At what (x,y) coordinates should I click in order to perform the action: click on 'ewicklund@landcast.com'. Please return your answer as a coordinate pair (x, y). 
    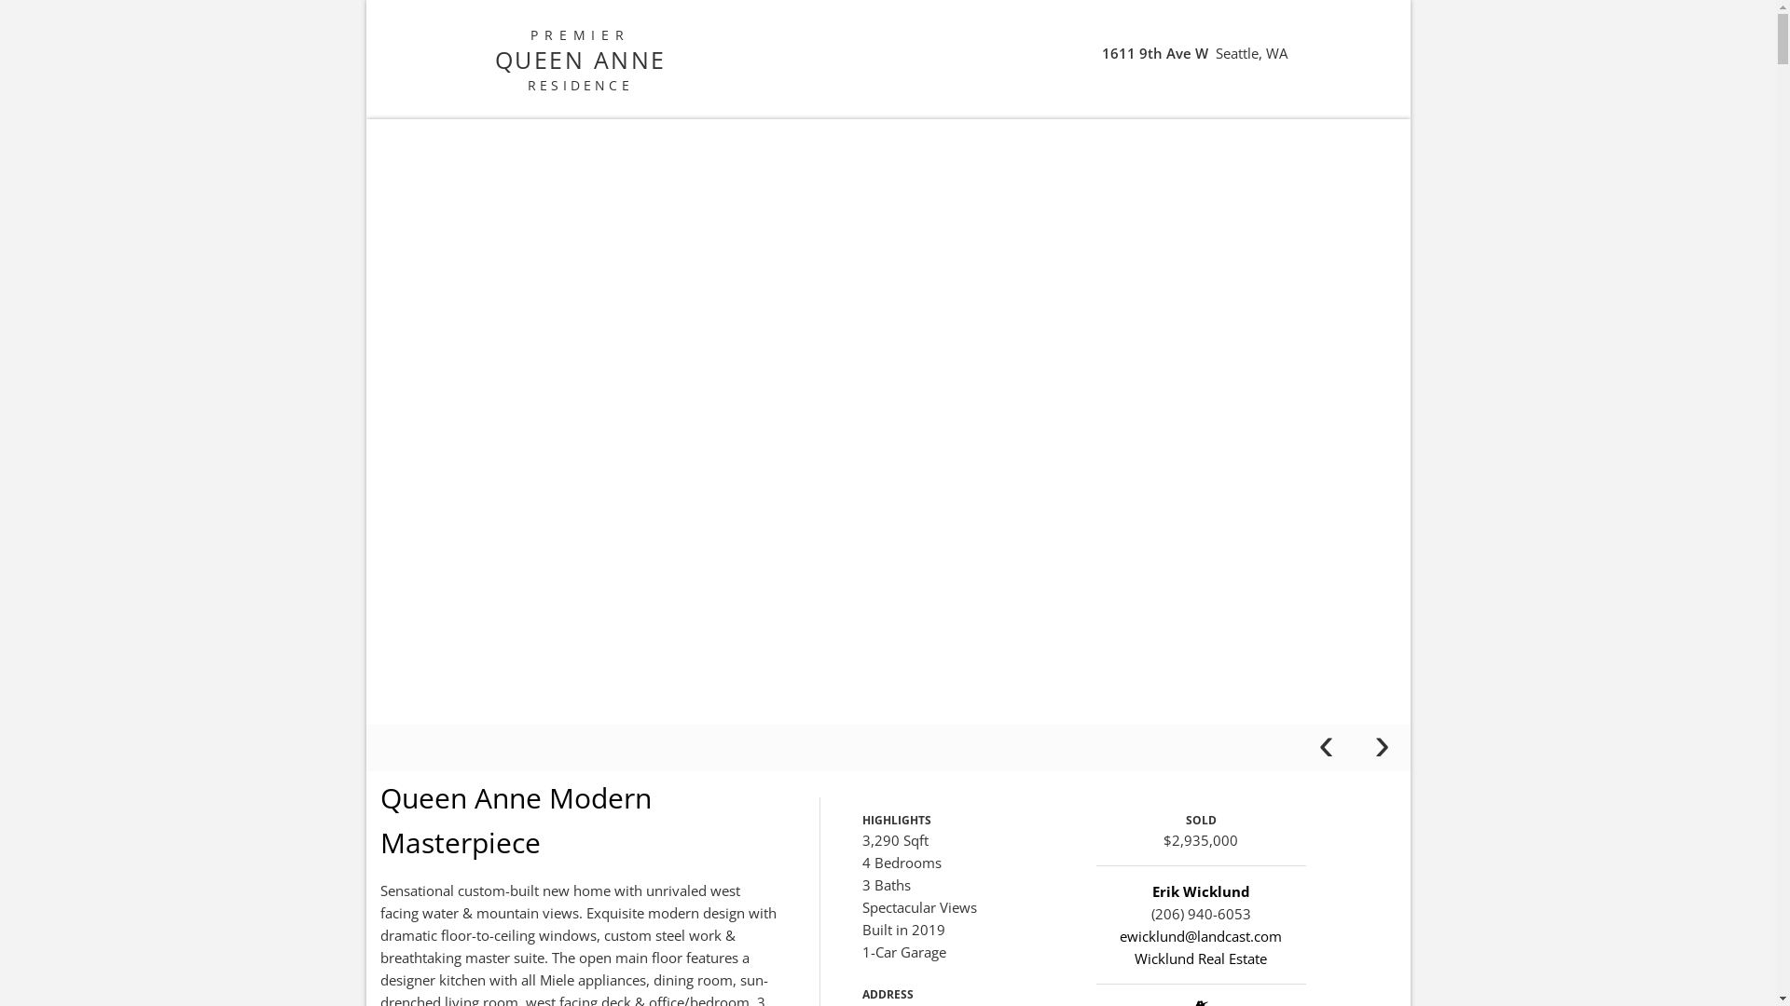
    Looking at the image, I should click on (1200, 936).